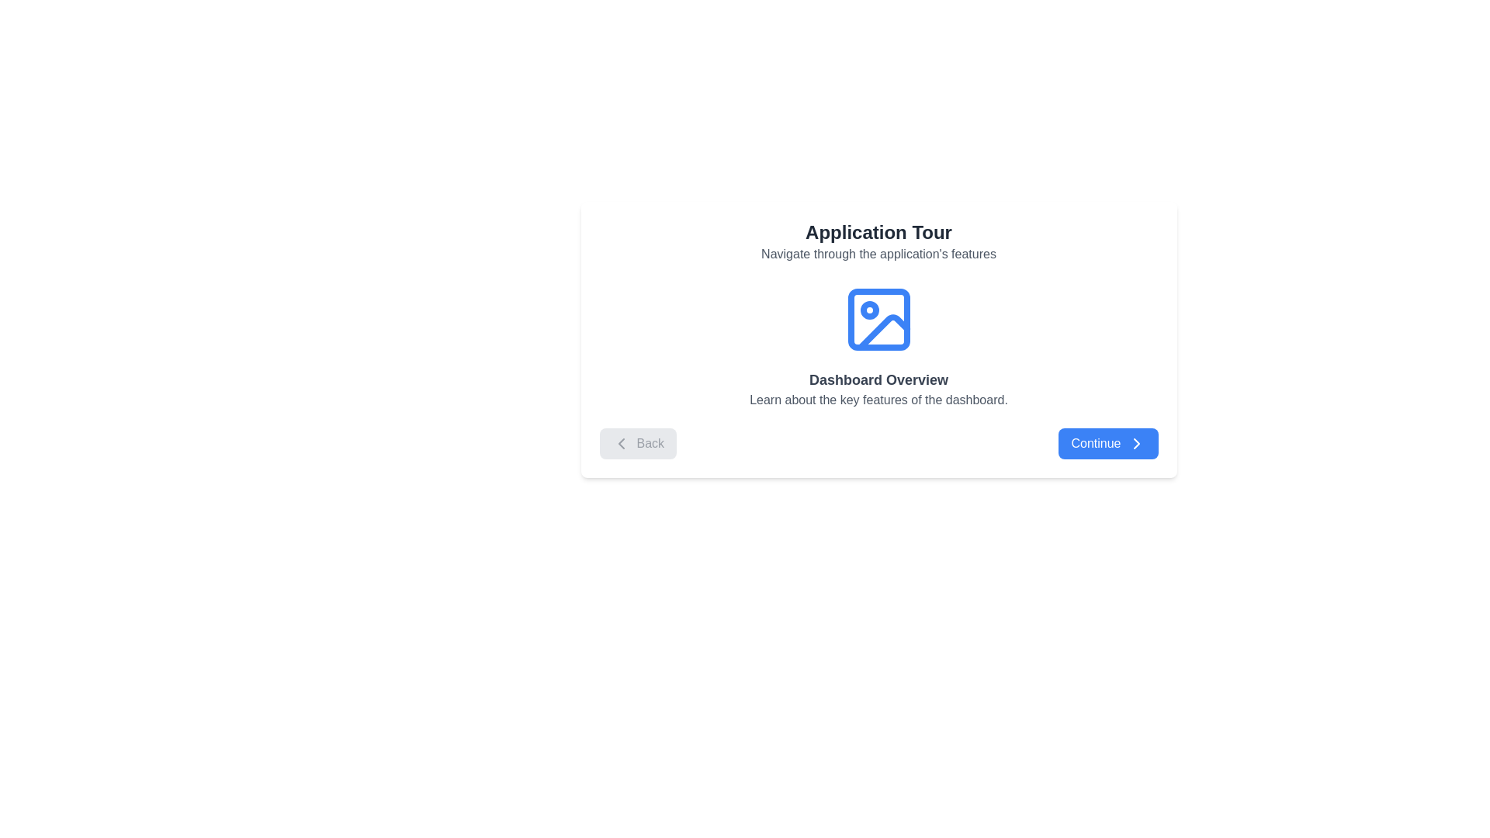 The width and height of the screenshot is (1490, 838). What do you see at coordinates (878, 319) in the screenshot?
I see `the decorative rectangle centered above the 'Dashboard Overview' text in the main interface panel` at bounding box center [878, 319].